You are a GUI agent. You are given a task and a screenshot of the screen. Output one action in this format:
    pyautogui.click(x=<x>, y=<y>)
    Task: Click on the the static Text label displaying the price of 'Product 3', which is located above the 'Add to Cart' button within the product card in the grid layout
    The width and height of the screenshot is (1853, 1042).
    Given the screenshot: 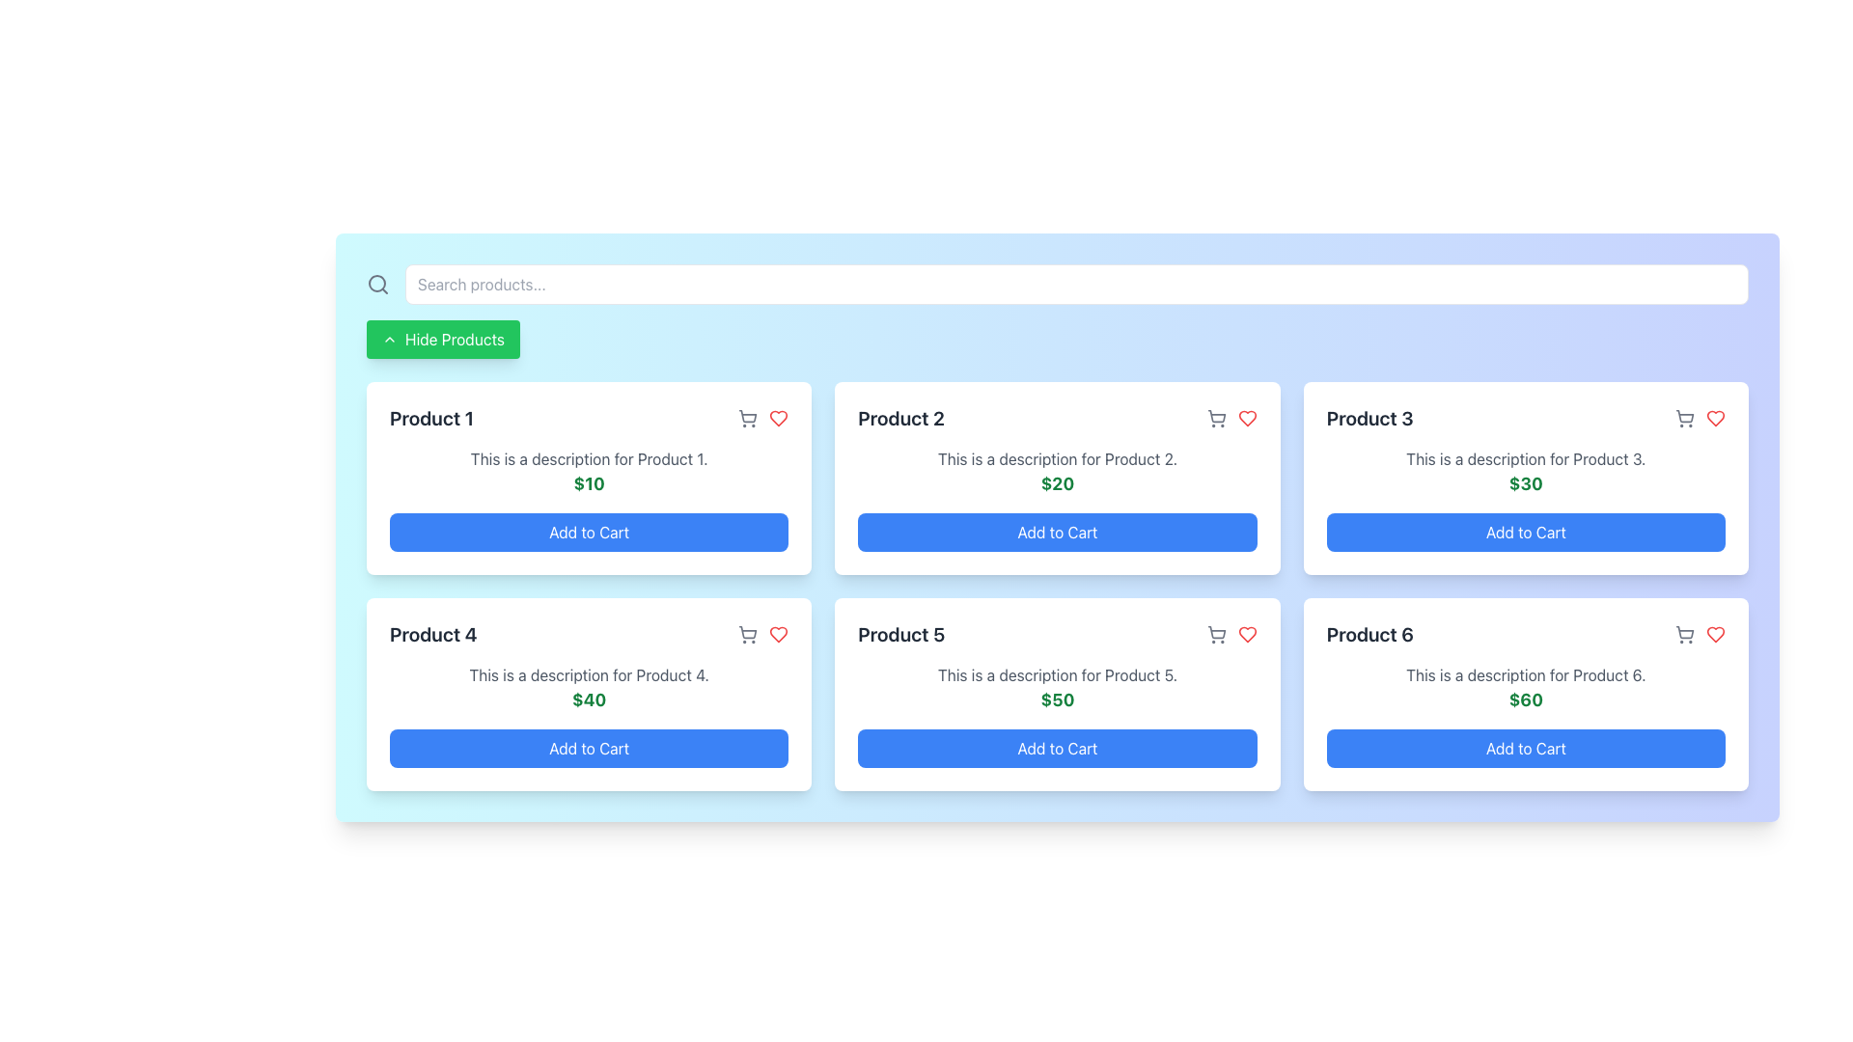 What is the action you would take?
    pyautogui.click(x=1525, y=482)
    